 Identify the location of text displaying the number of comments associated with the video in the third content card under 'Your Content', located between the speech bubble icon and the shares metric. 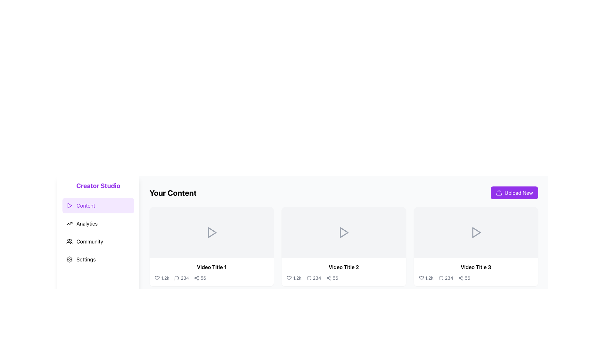
(448, 277).